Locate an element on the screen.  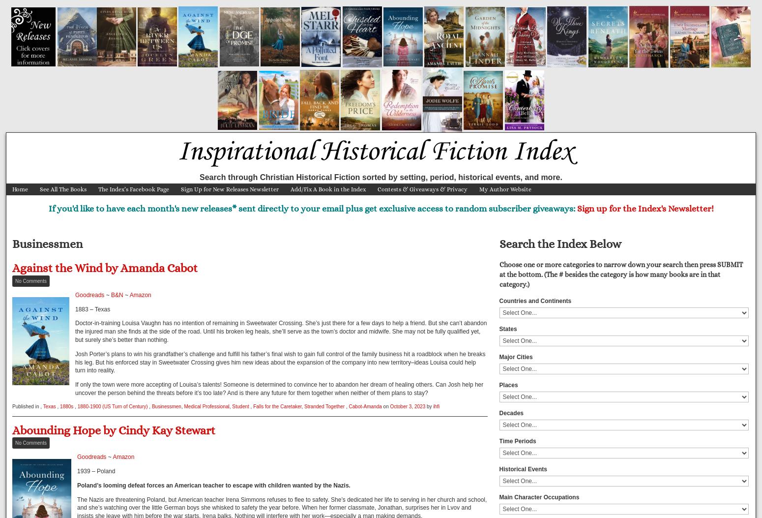
'Medical Professional' is located at coordinates (206, 405).